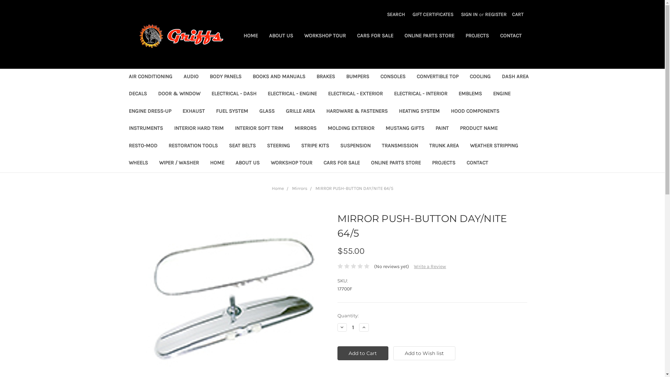 Image resolution: width=670 pixels, height=377 pixels. I want to click on 'ENGINE', so click(487, 94).